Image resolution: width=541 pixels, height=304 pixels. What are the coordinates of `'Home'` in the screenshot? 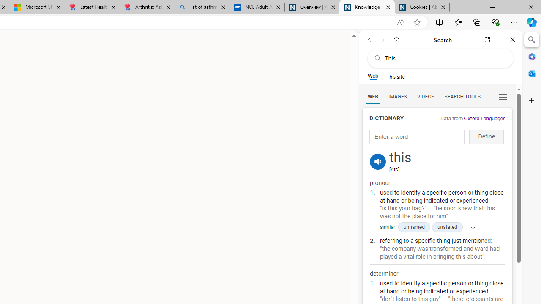 It's located at (396, 39).